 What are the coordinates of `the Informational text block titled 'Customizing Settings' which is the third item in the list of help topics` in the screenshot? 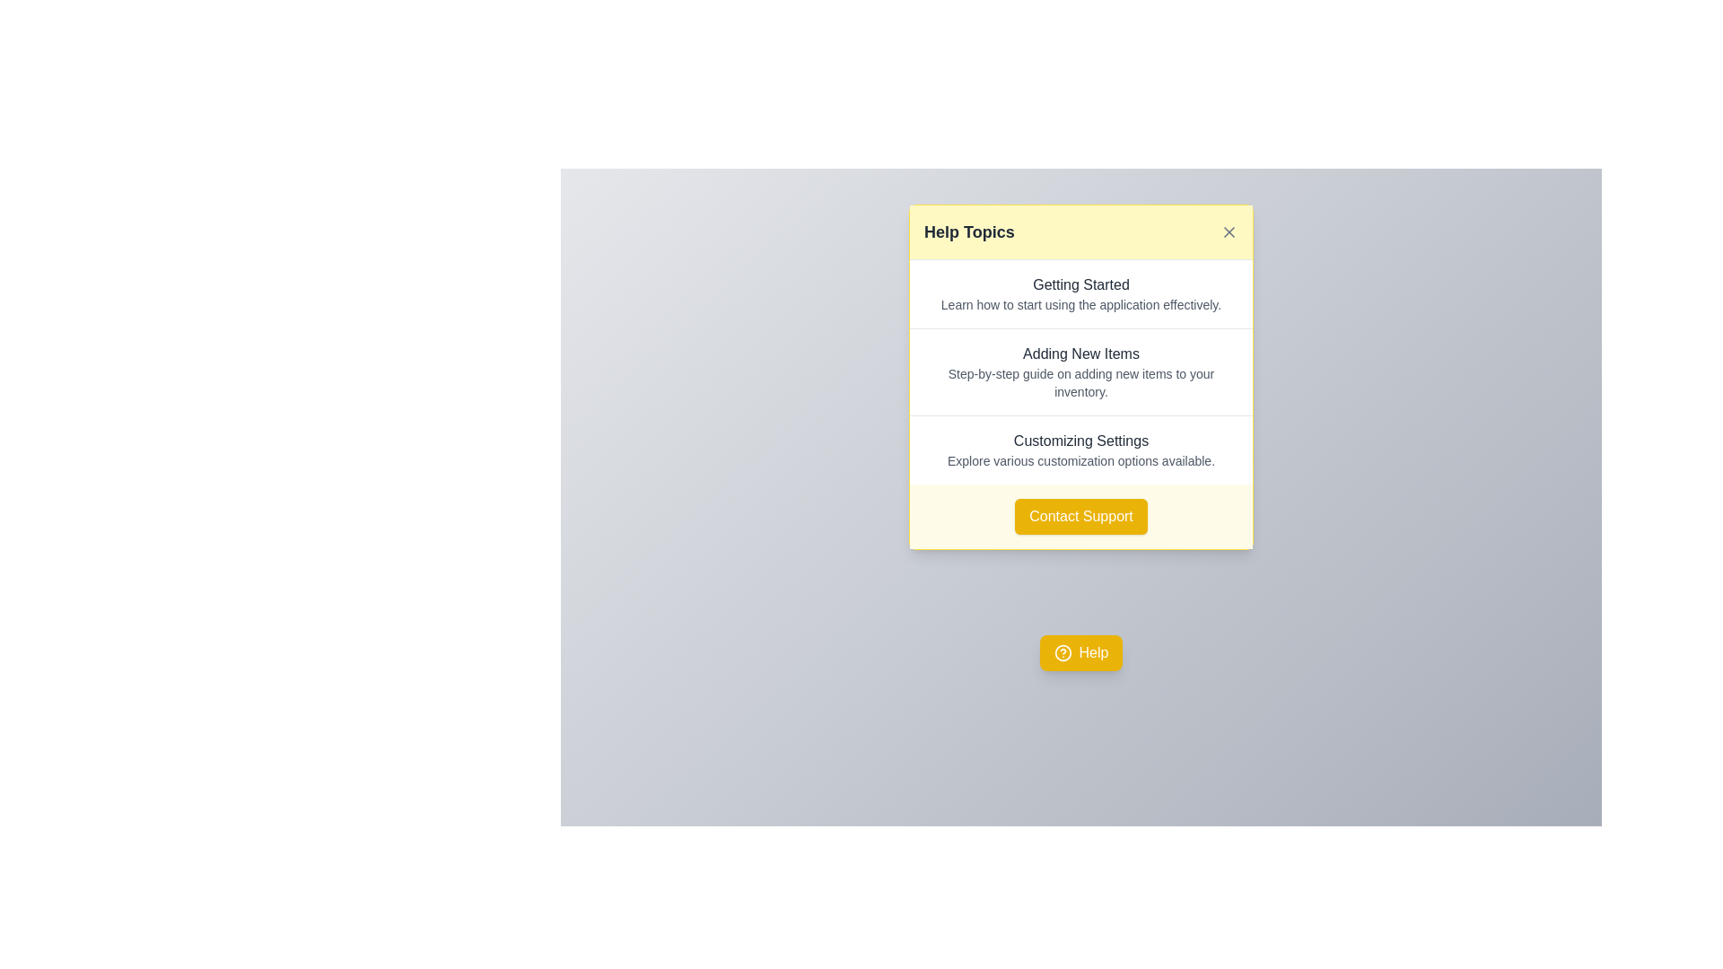 It's located at (1080, 449).